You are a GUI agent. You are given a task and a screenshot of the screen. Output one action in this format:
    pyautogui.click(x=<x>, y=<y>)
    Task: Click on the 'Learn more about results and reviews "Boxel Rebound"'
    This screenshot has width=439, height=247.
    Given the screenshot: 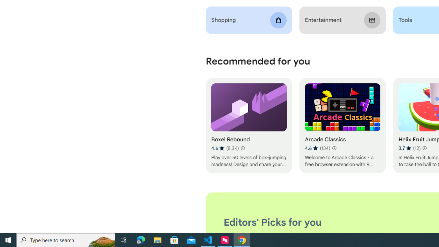 What is the action you would take?
    pyautogui.click(x=242, y=148)
    